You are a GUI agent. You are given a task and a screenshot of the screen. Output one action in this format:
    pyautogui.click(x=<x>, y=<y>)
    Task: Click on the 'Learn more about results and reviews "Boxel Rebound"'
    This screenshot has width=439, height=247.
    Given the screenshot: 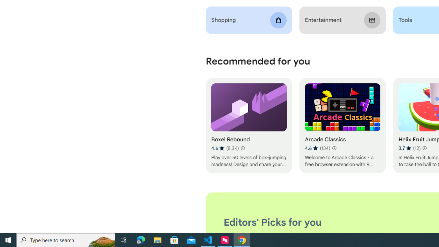 What is the action you would take?
    pyautogui.click(x=242, y=148)
    